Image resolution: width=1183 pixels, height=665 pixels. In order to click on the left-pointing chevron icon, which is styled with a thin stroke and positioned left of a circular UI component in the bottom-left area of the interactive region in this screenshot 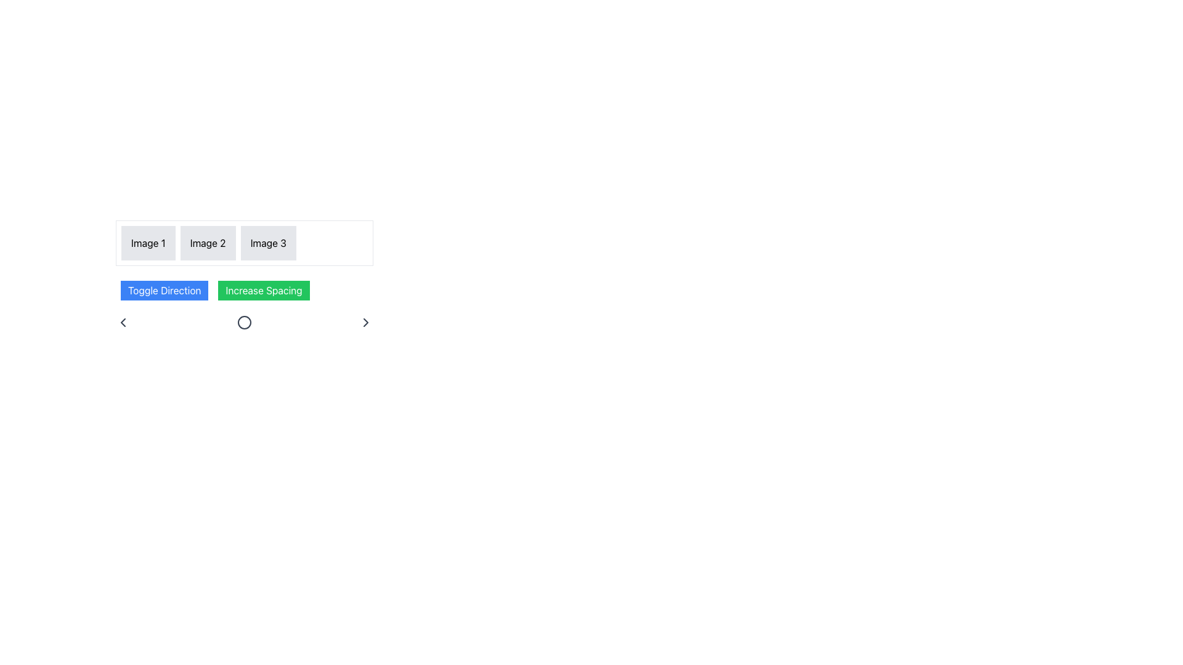, I will do `click(123, 322)`.